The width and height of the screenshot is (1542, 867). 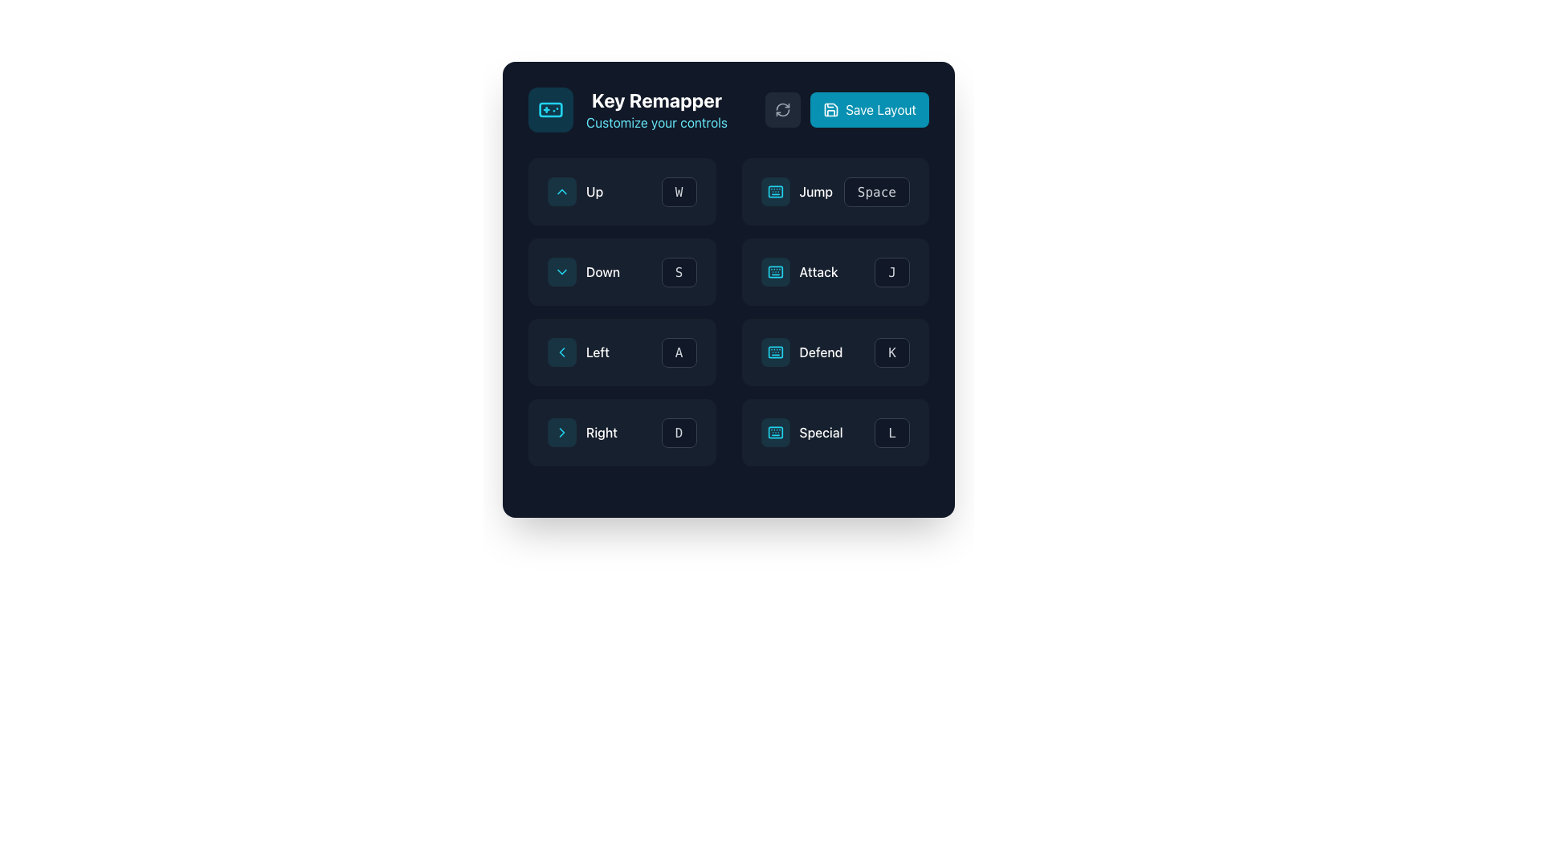 I want to click on the key binding configuration button for the 'Special' action located in the bottom row of the key remapping grid, rightmost position adjacent to the 'Right' button, so click(x=835, y=432).